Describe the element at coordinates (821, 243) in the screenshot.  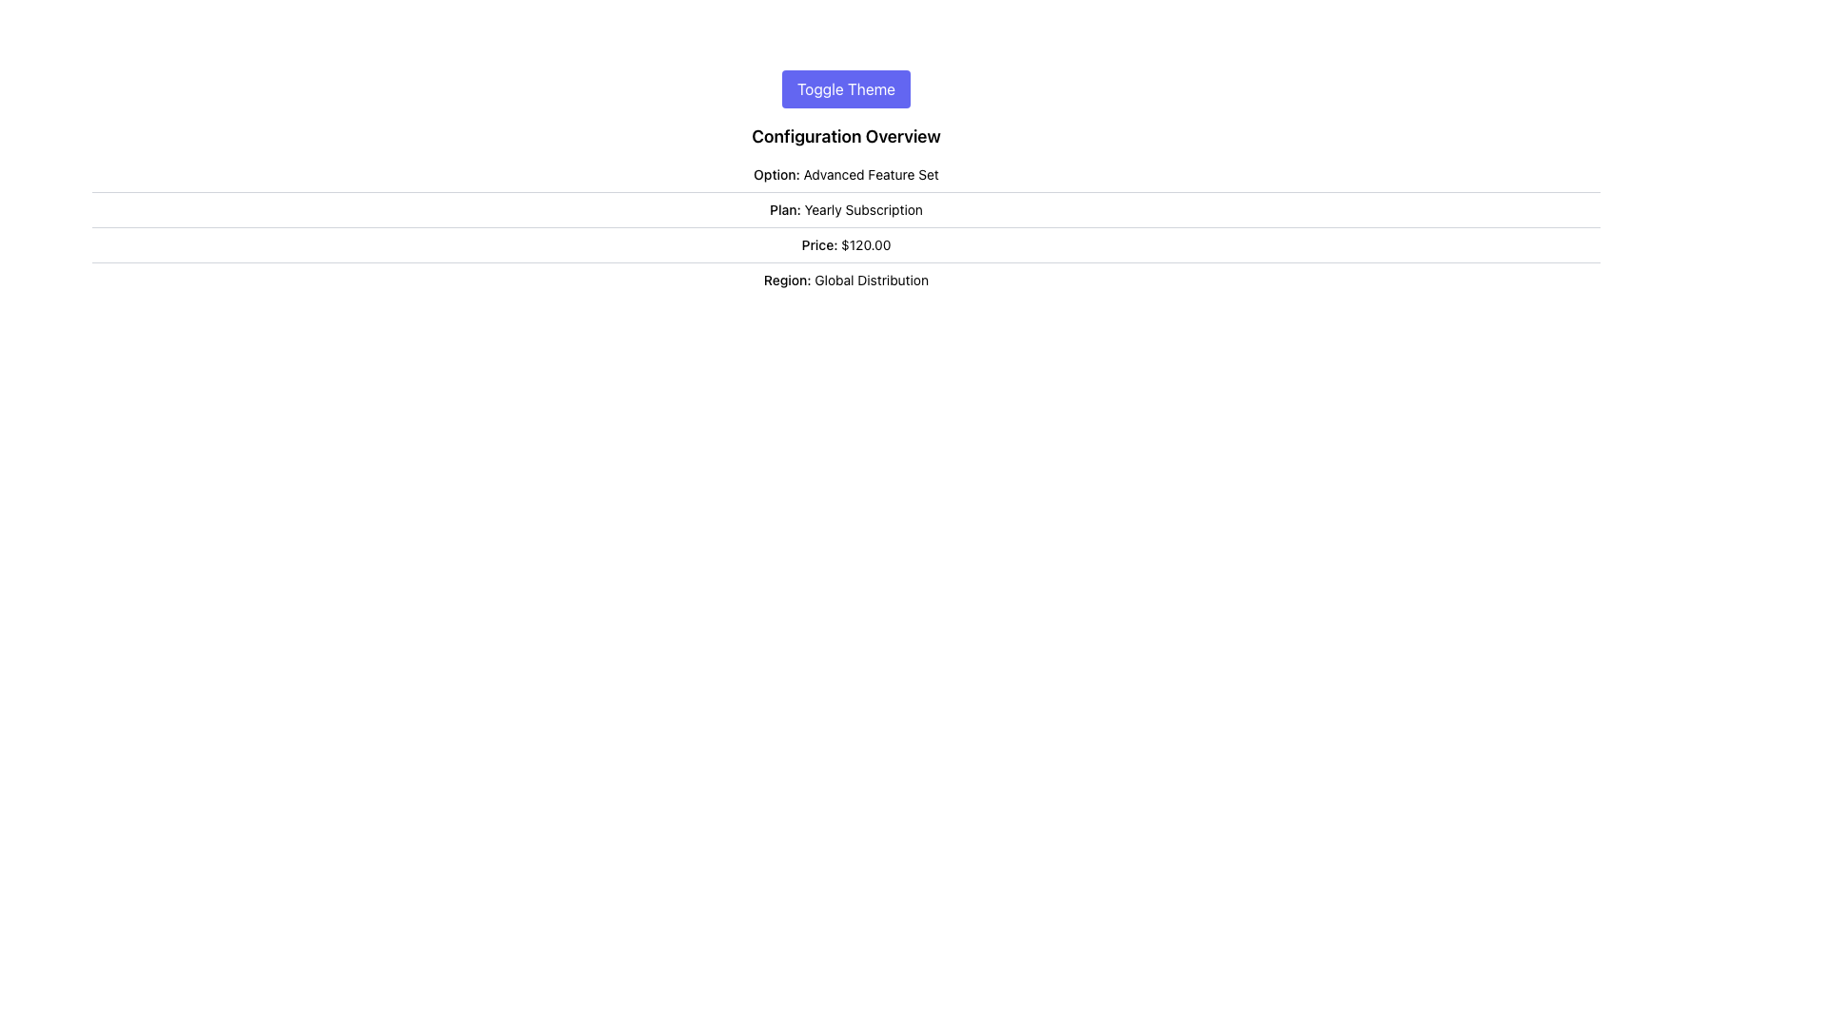
I see `the 'Price:' label` at that location.